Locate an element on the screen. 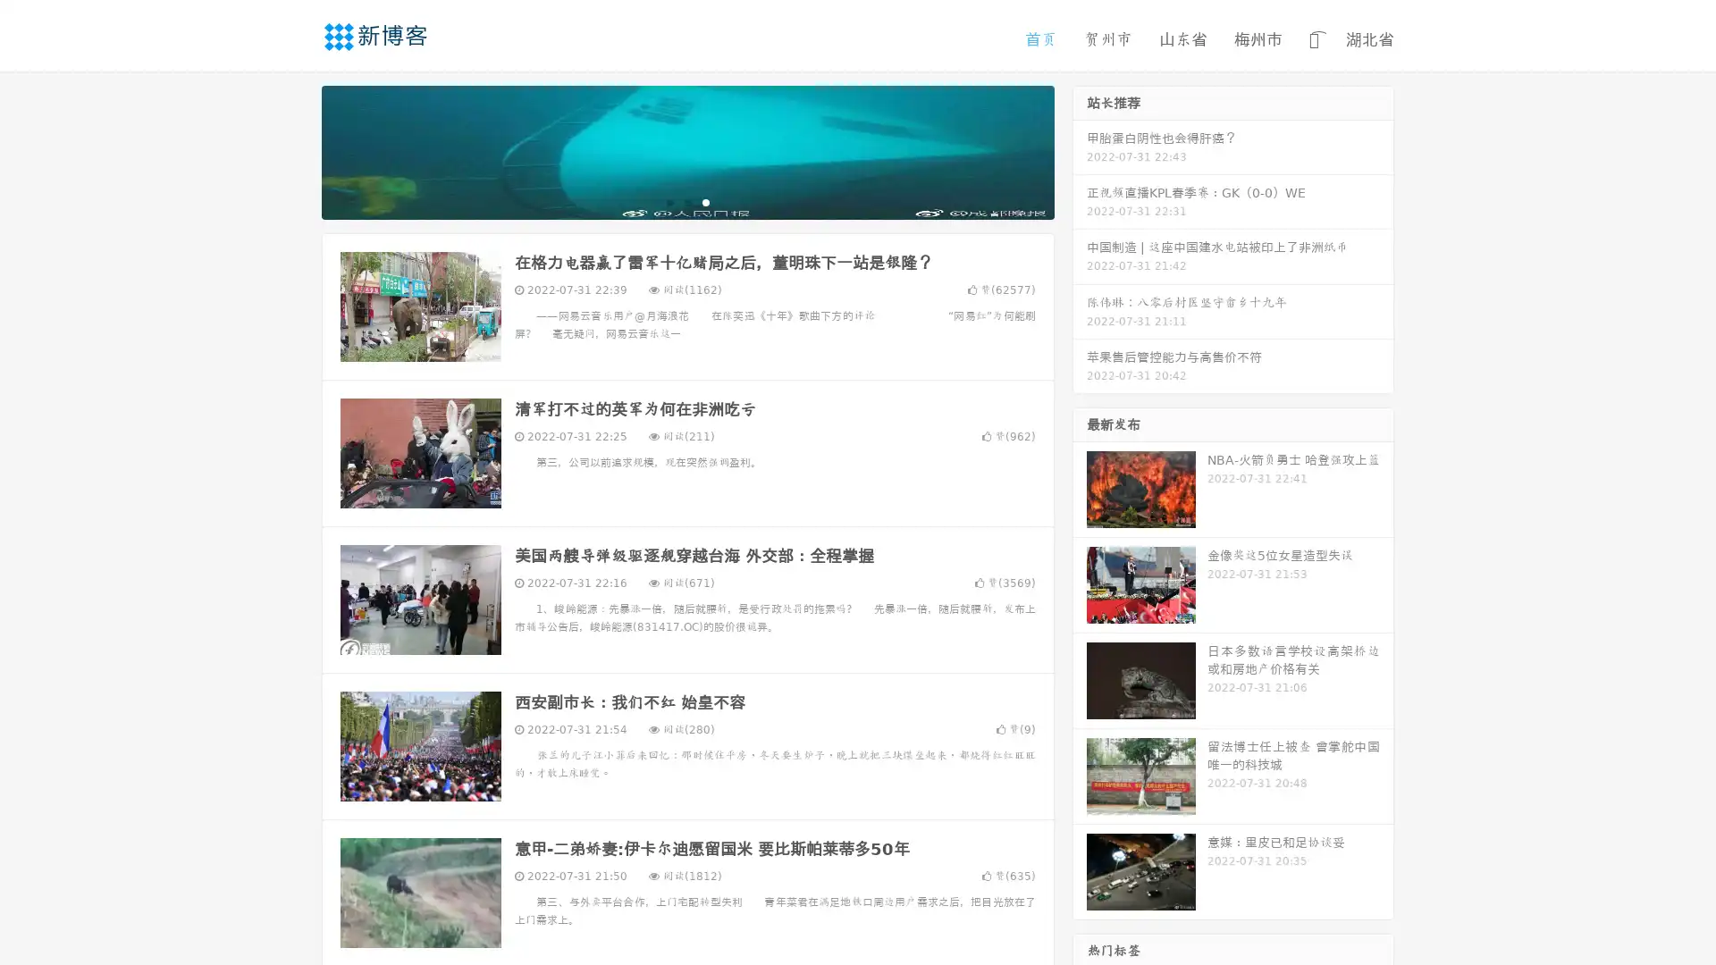 This screenshot has height=965, width=1716. Go to slide 3 is located at coordinates (705, 201).